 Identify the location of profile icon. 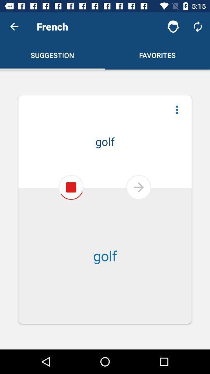
(173, 26).